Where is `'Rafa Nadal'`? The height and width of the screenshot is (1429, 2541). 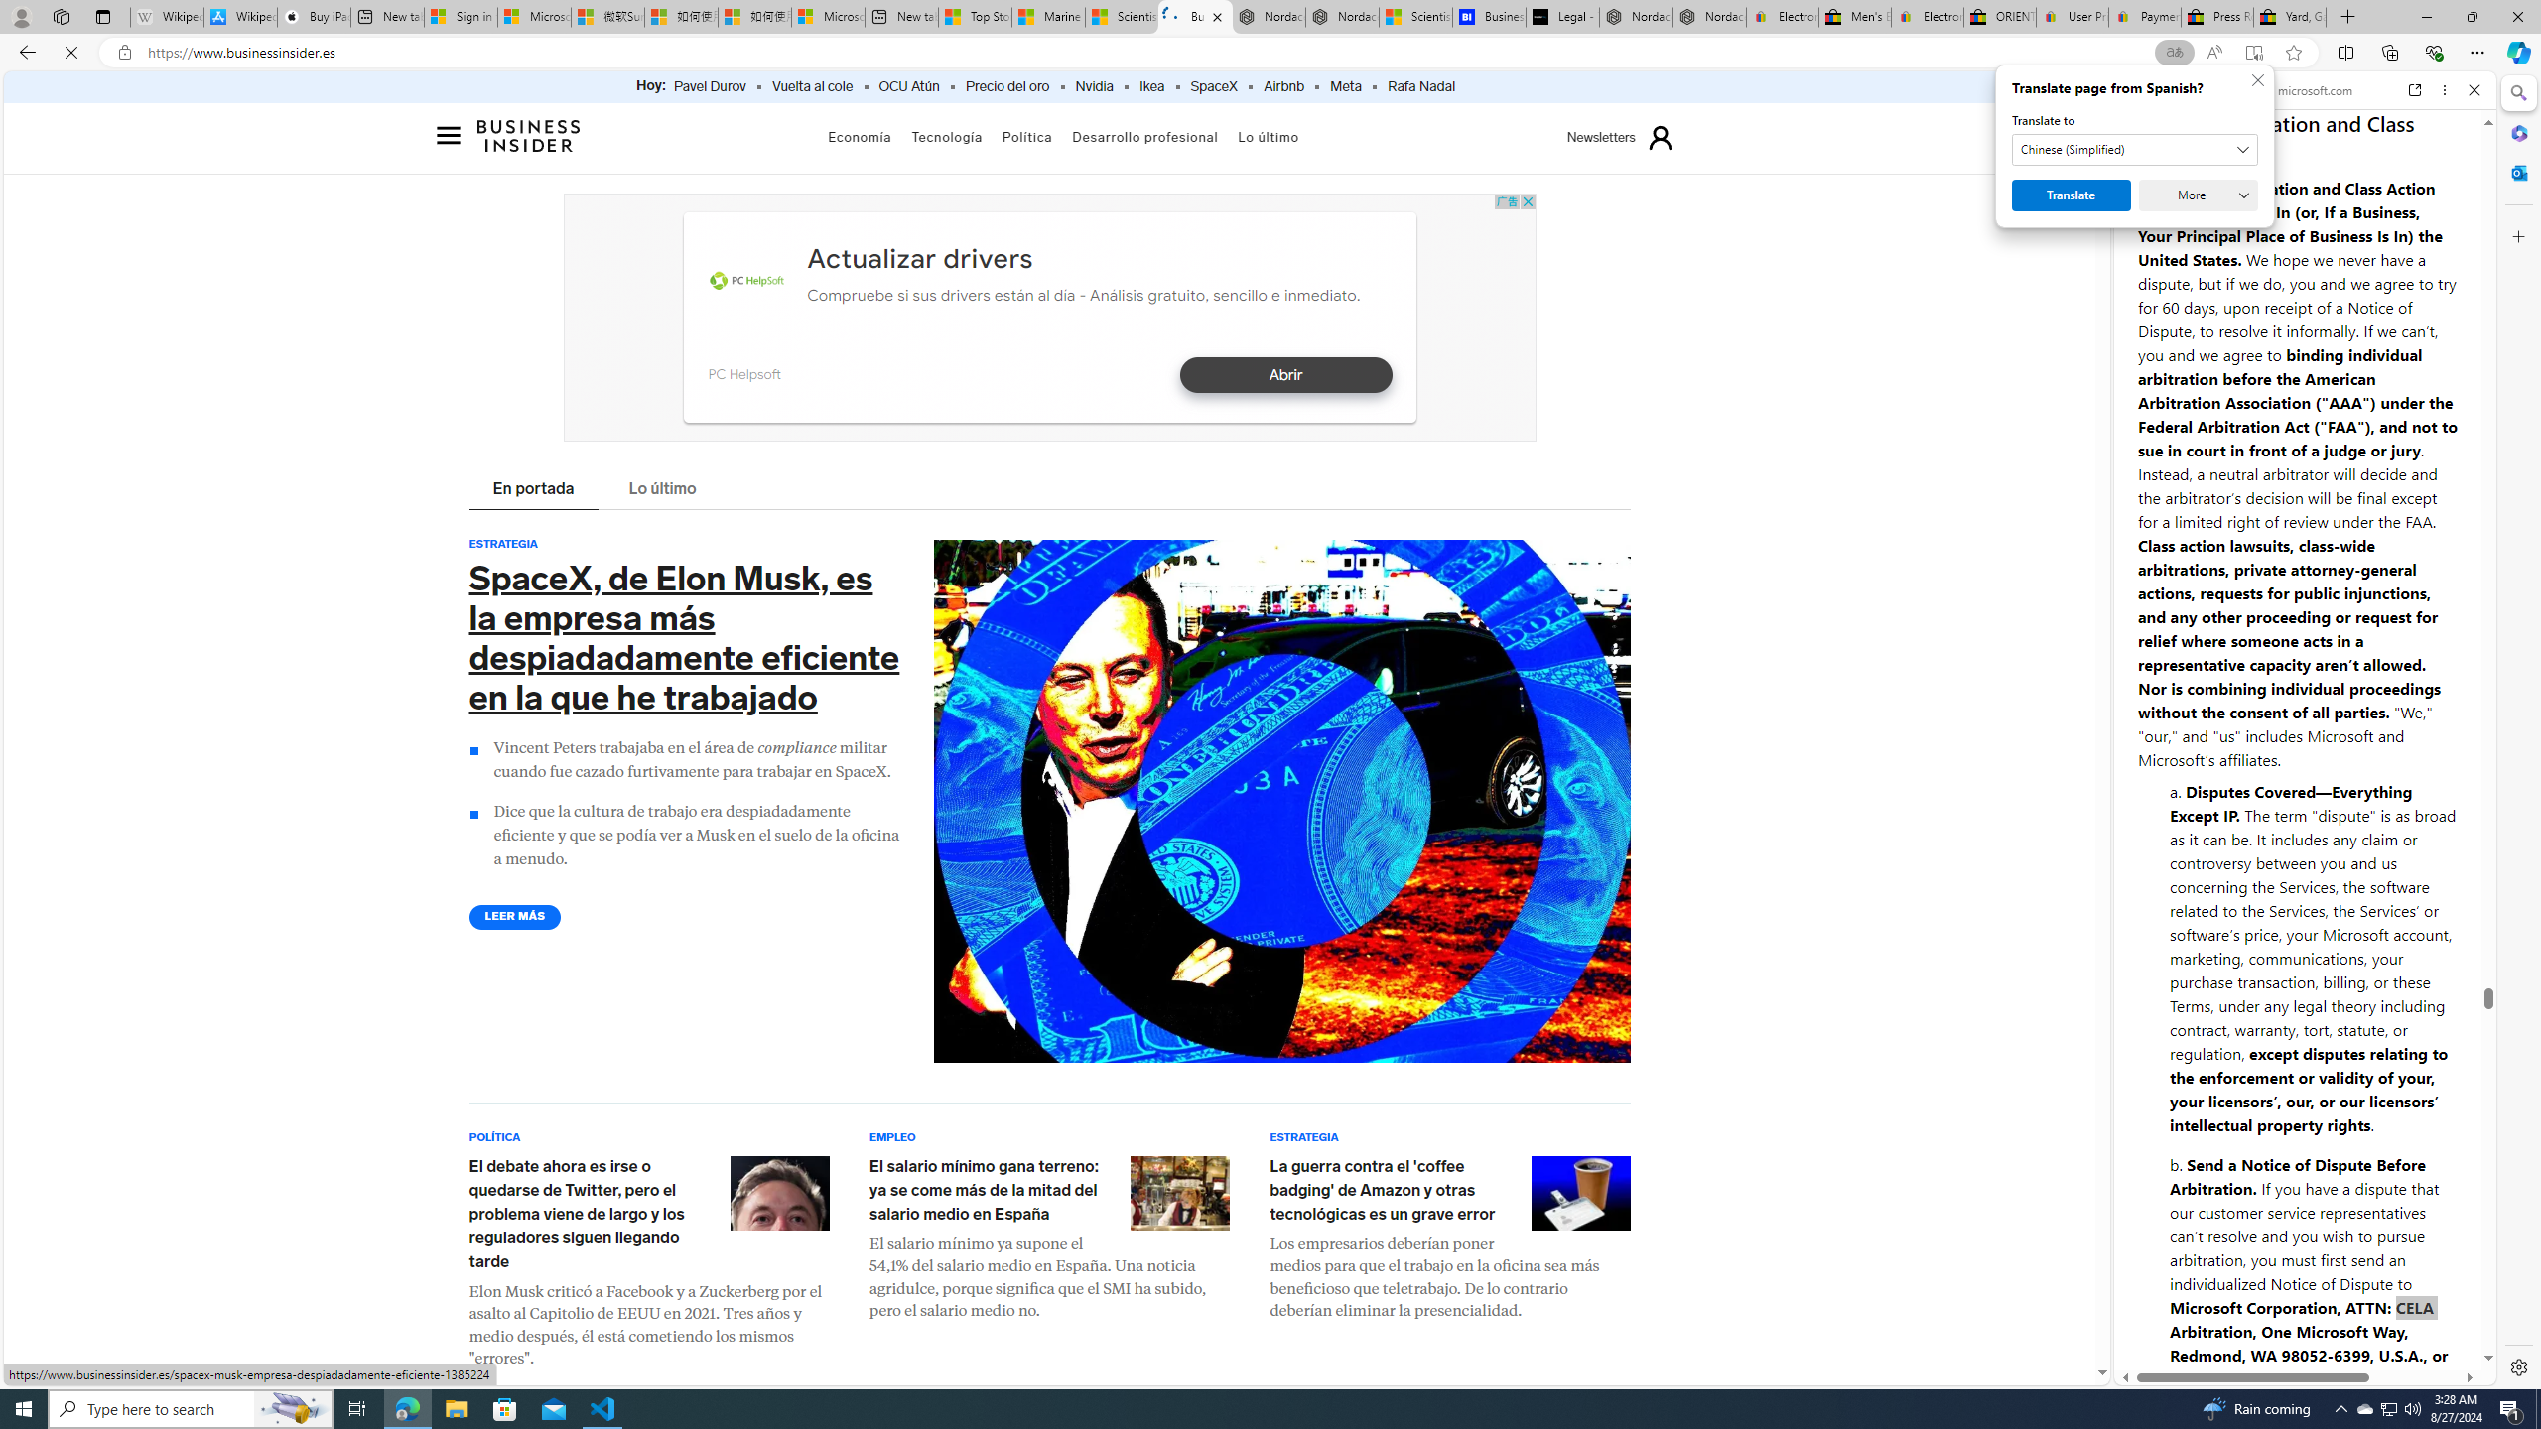
'Rafa Nadal' is located at coordinates (1420, 86).